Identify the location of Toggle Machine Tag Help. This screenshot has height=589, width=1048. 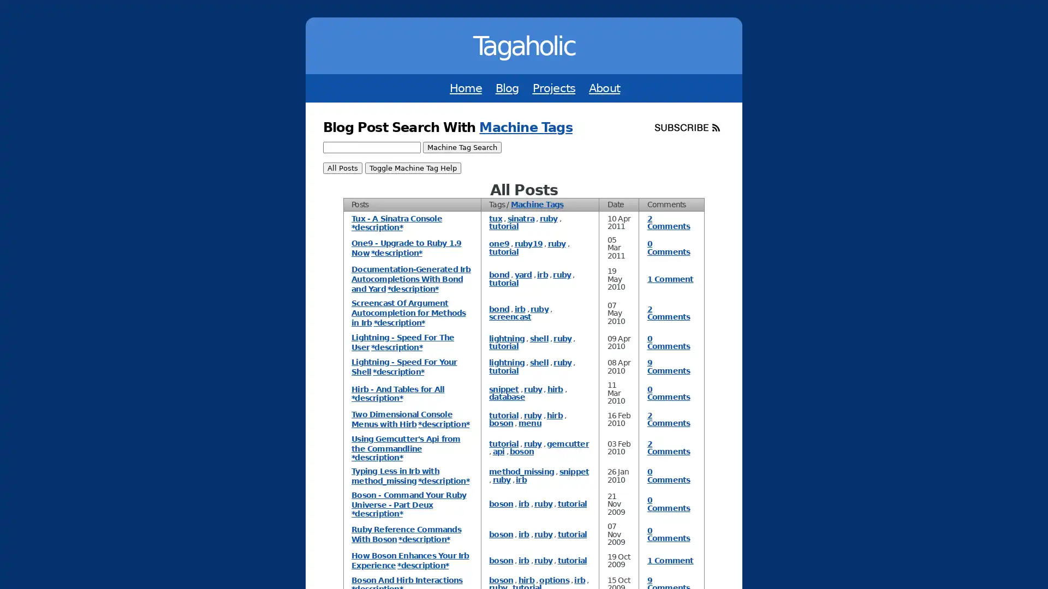
(412, 168).